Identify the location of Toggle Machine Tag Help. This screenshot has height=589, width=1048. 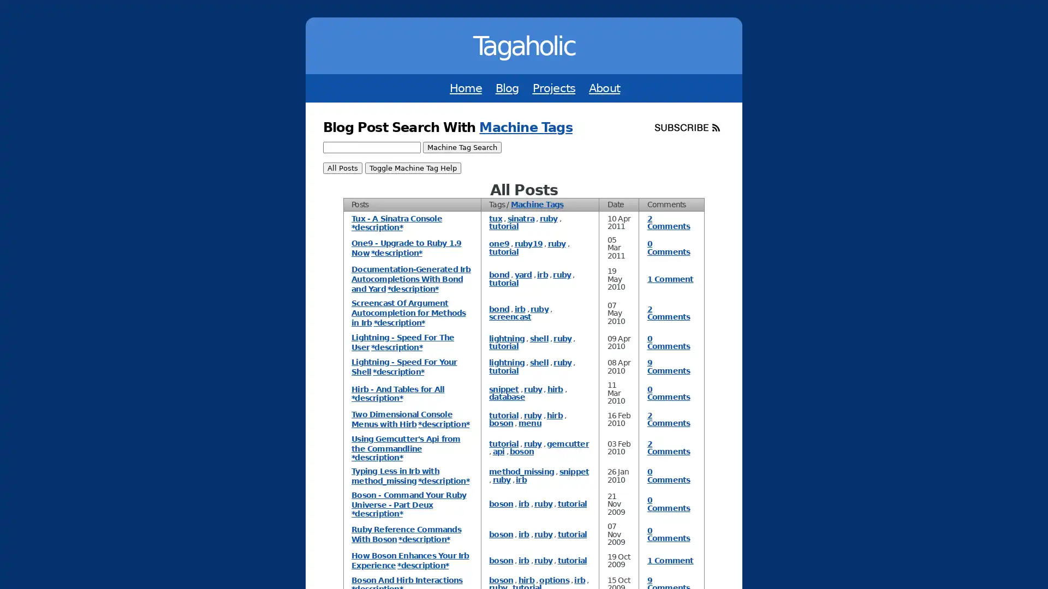
(412, 168).